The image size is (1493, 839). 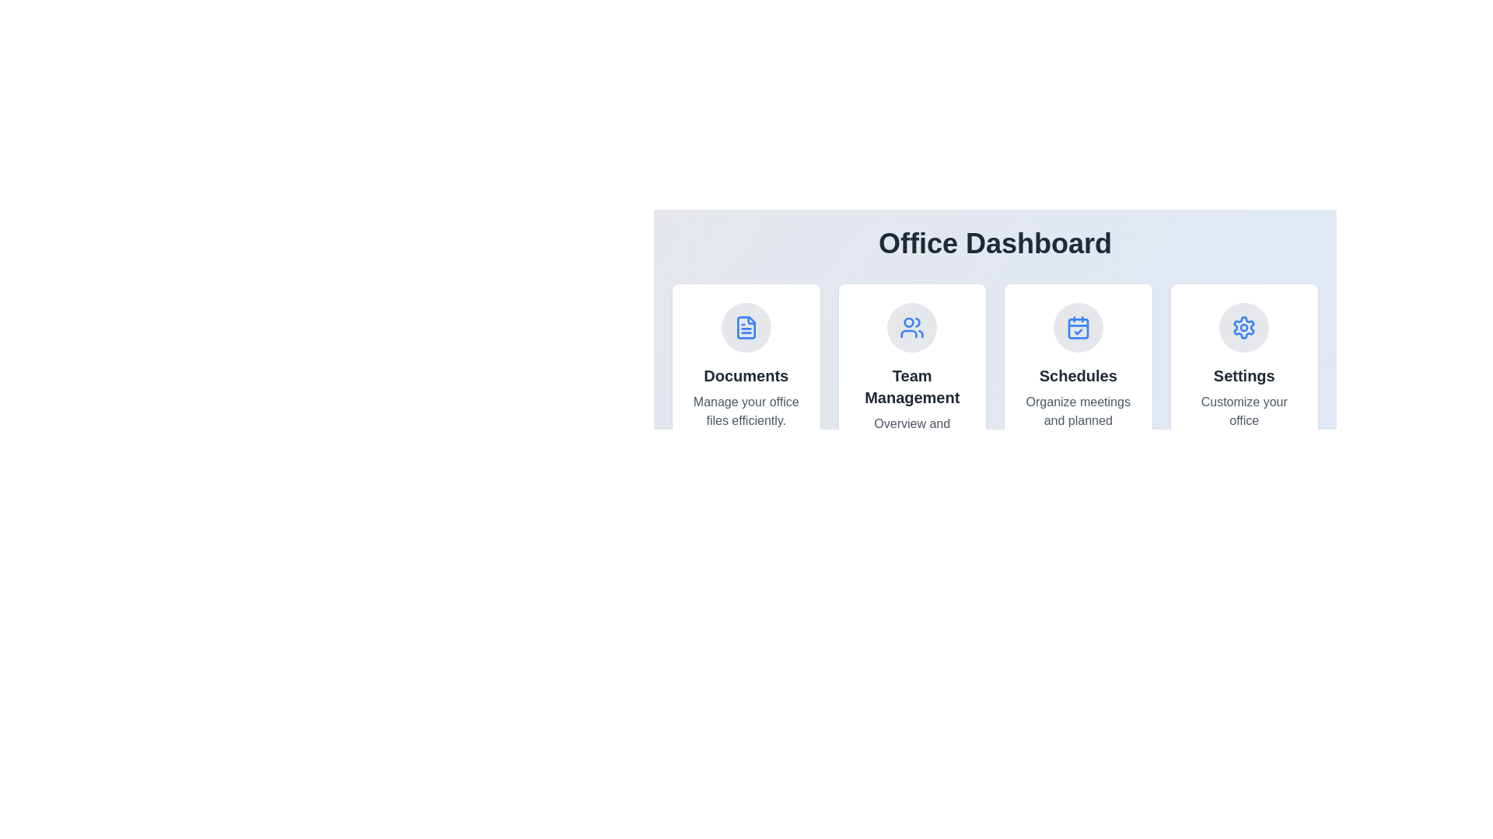 I want to click on the Static textual label that displays the word 'Documents' in bold font, located in the first card under the 'Office Dashboard' heading, so click(x=745, y=375).